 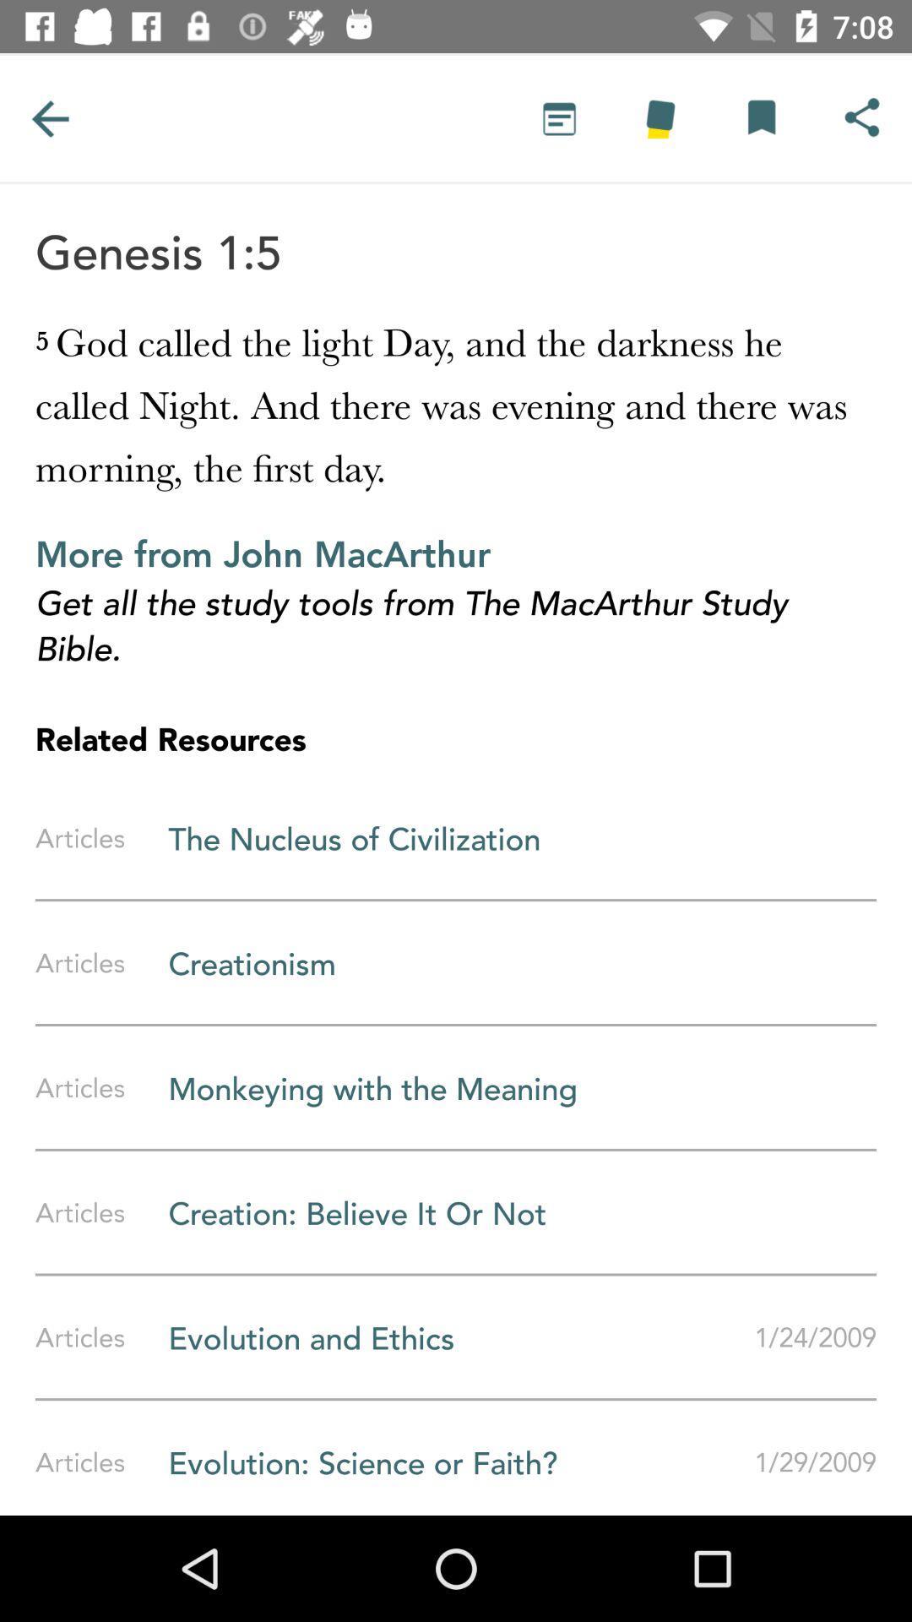 What do you see at coordinates (559, 117) in the screenshot?
I see `text option` at bounding box center [559, 117].